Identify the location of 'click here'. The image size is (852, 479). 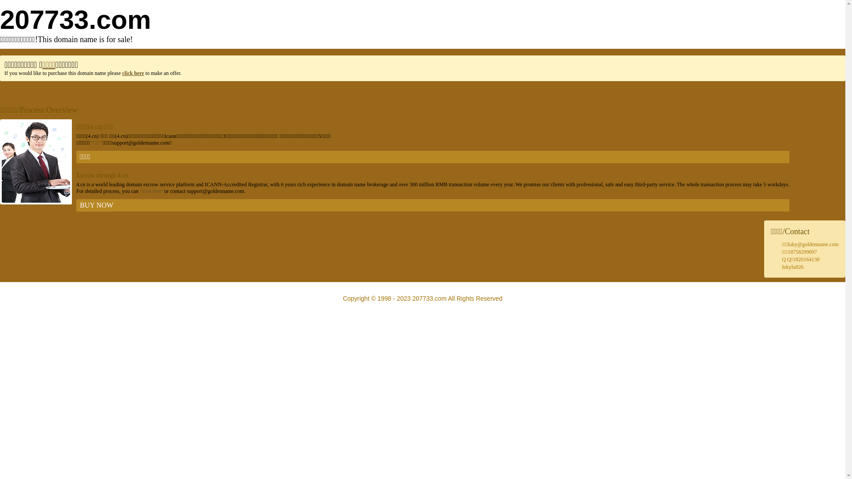
(121, 73).